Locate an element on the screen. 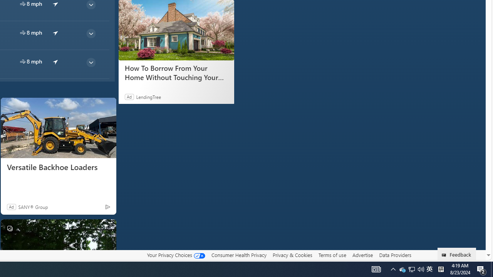  'Your Privacy Choices' is located at coordinates (175, 255).